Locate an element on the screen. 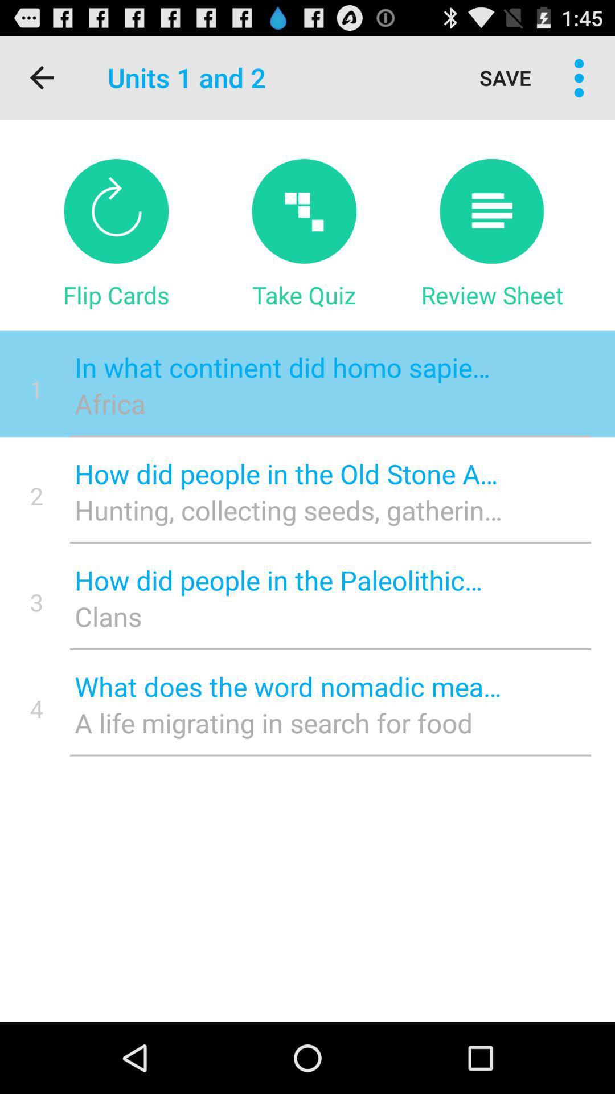 The height and width of the screenshot is (1094, 615). the 3 item is located at coordinates (36, 601).